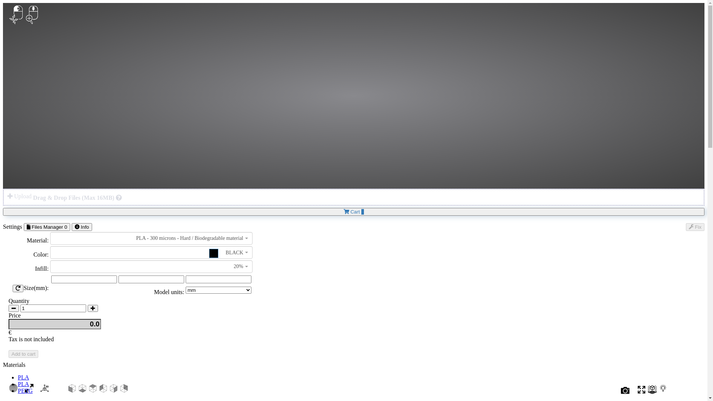 This screenshot has height=401, width=713. Describe the element at coordinates (25, 390) in the screenshot. I see `'PETG'` at that location.